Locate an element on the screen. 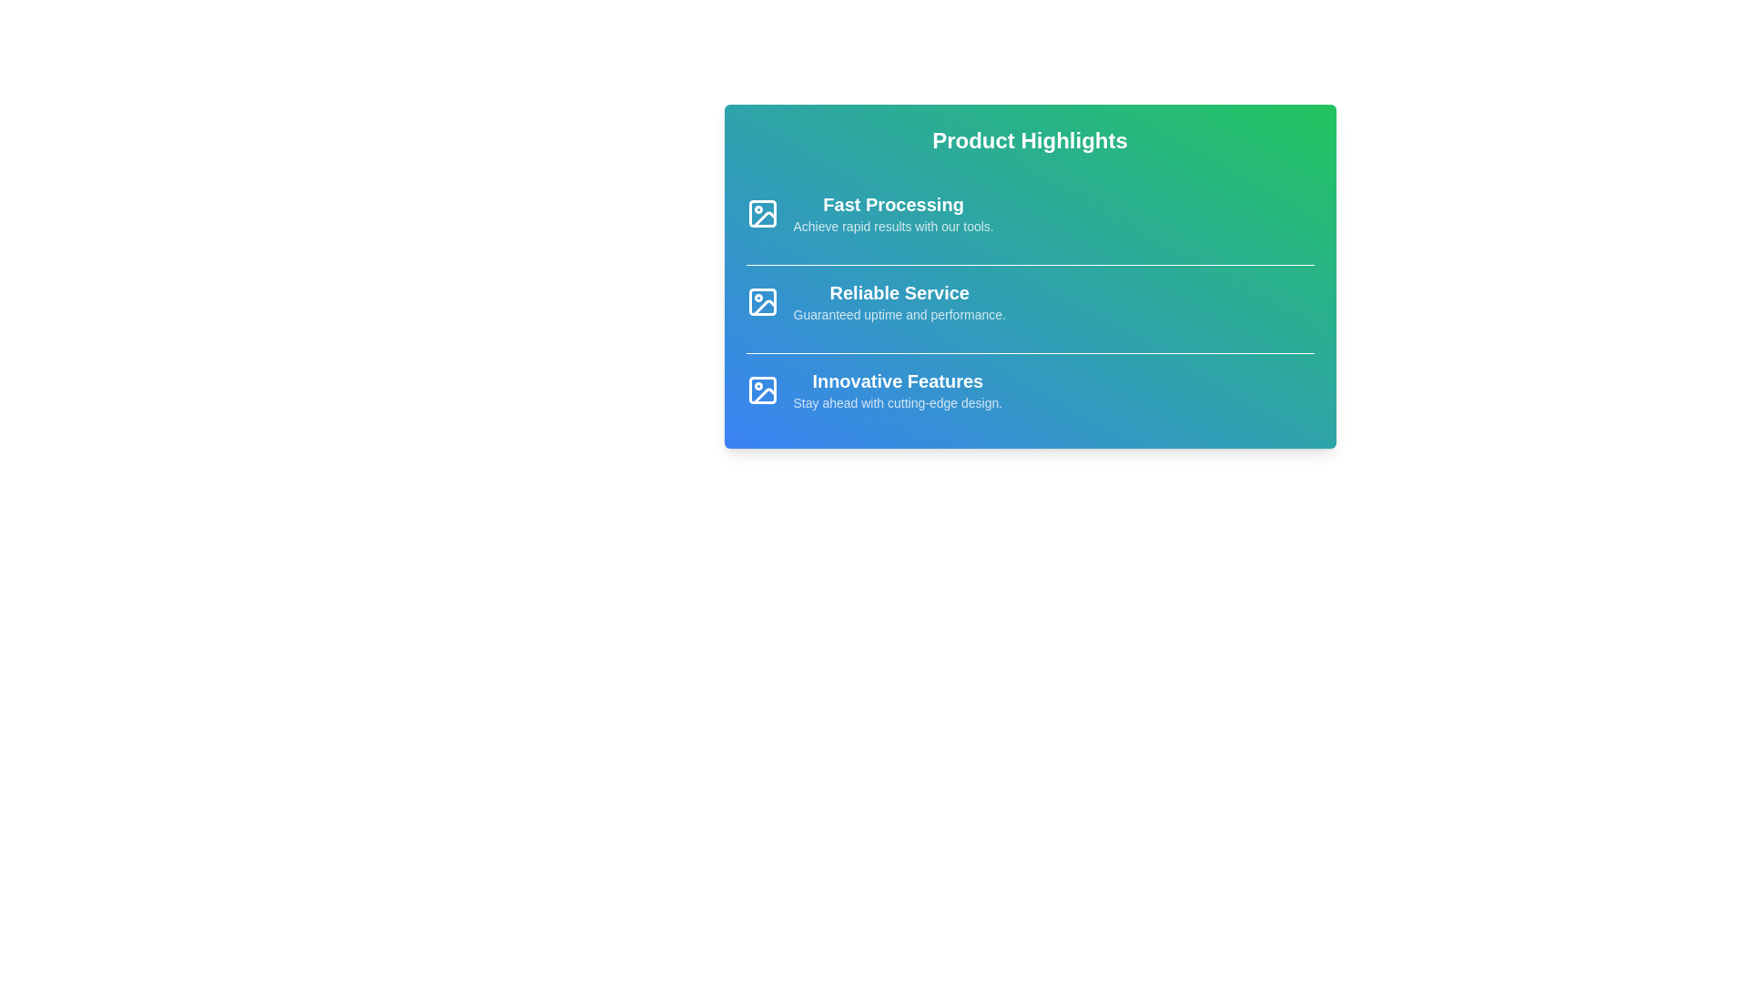 The height and width of the screenshot is (983, 1748). text block displaying 'Innovative Features' which is styled with a bold, large font and located within the 'Product Highlights' section is located at coordinates (898, 380).